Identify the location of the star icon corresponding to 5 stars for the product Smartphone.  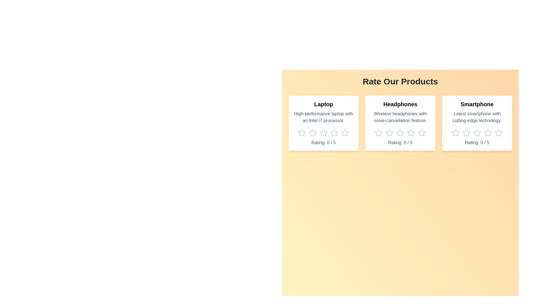
(498, 133).